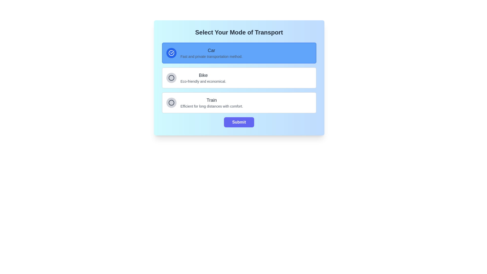  I want to click on the 'Train' option in the selectable list for mode of transport, which is the third item below 'Car' and 'Bike', so click(239, 103).